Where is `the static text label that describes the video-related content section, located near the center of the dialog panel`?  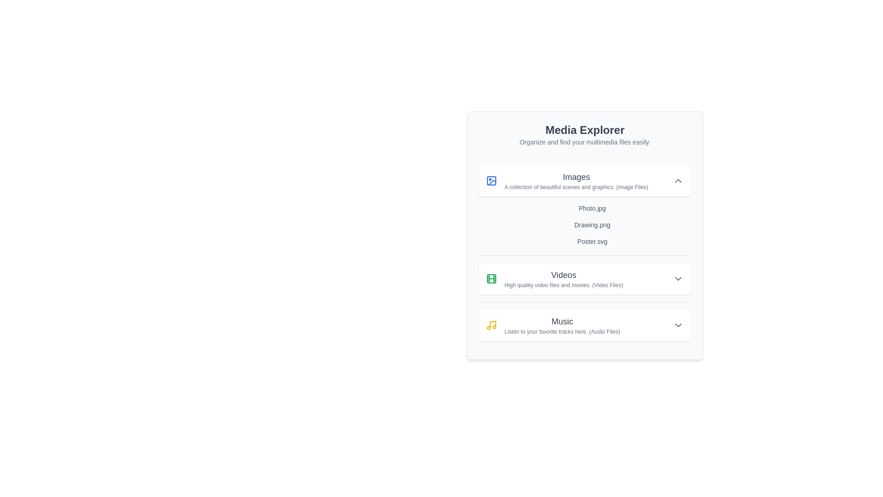 the static text label that describes the video-related content section, located near the center of the dialog panel is located at coordinates (563, 274).